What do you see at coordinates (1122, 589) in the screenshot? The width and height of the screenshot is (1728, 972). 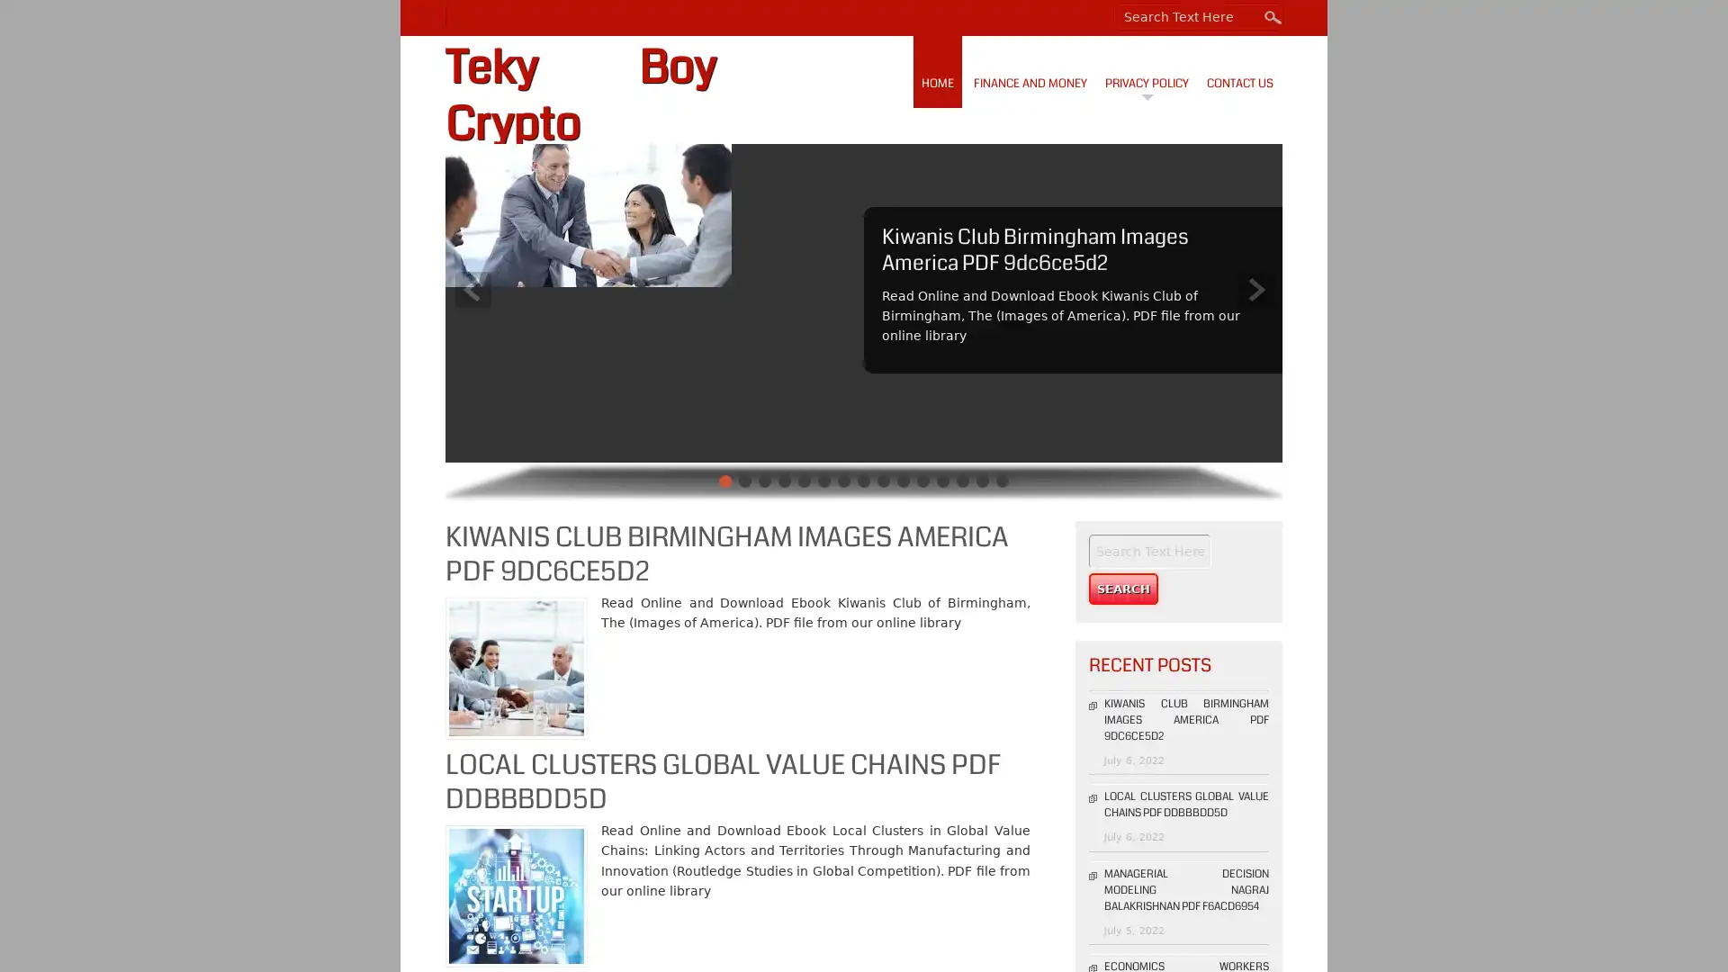 I see `Search` at bounding box center [1122, 589].